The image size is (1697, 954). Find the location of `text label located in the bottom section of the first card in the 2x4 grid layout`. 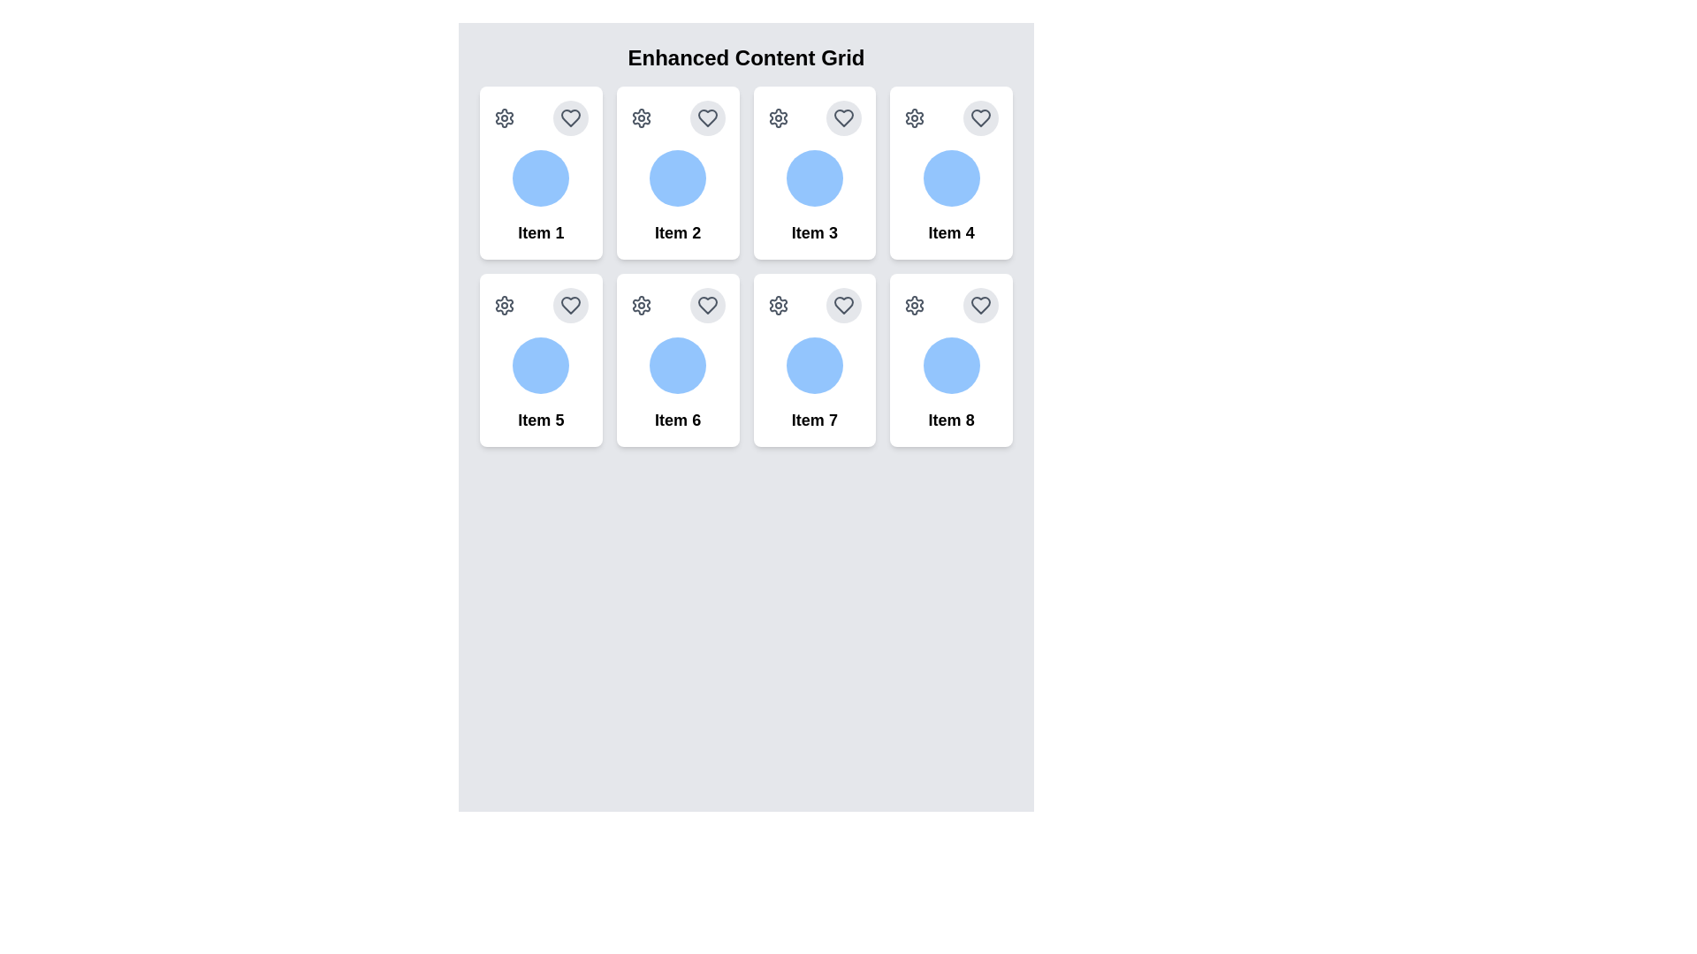

text label located in the bottom section of the first card in the 2x4 grid layout is located at coordinates (540, 231).